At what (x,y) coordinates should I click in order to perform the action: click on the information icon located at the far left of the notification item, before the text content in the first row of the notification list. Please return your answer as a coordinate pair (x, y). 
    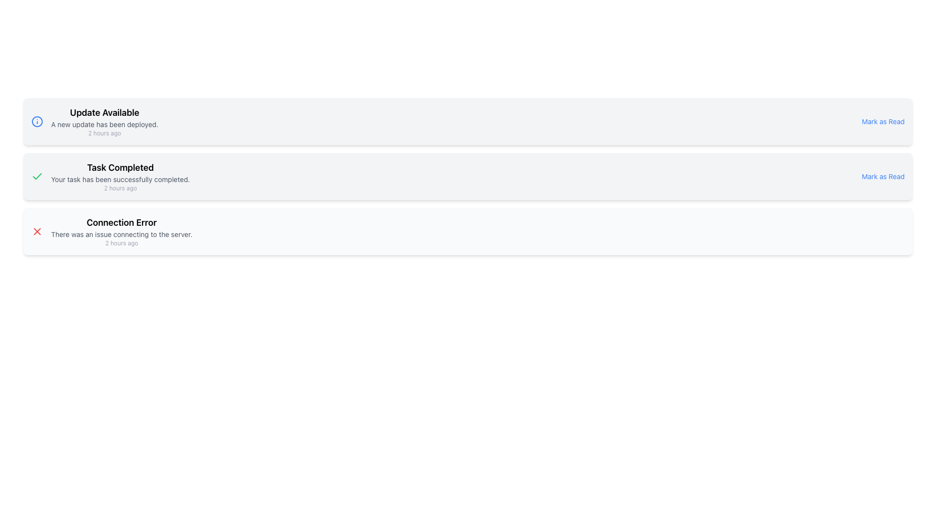
    Looking at the image, I should click on (37, 121).